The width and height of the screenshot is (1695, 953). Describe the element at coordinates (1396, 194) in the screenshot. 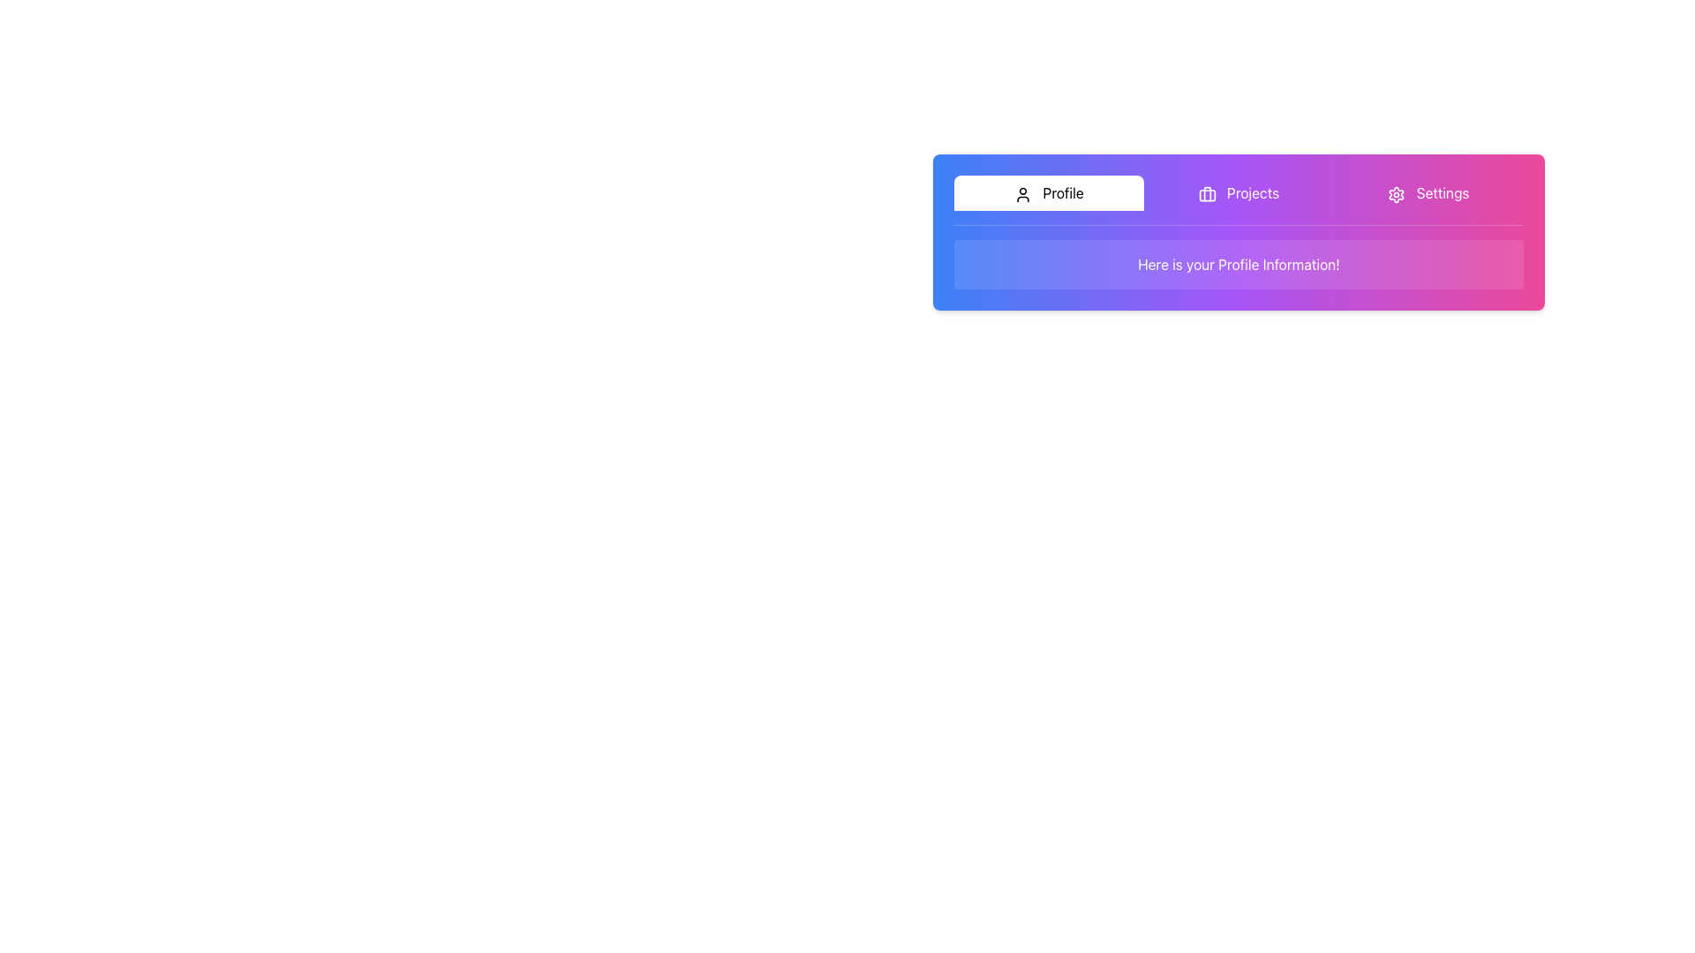

I see `the cogwheel icon with a pink/purple gradient background located next to the 'Settings' text` at that location.